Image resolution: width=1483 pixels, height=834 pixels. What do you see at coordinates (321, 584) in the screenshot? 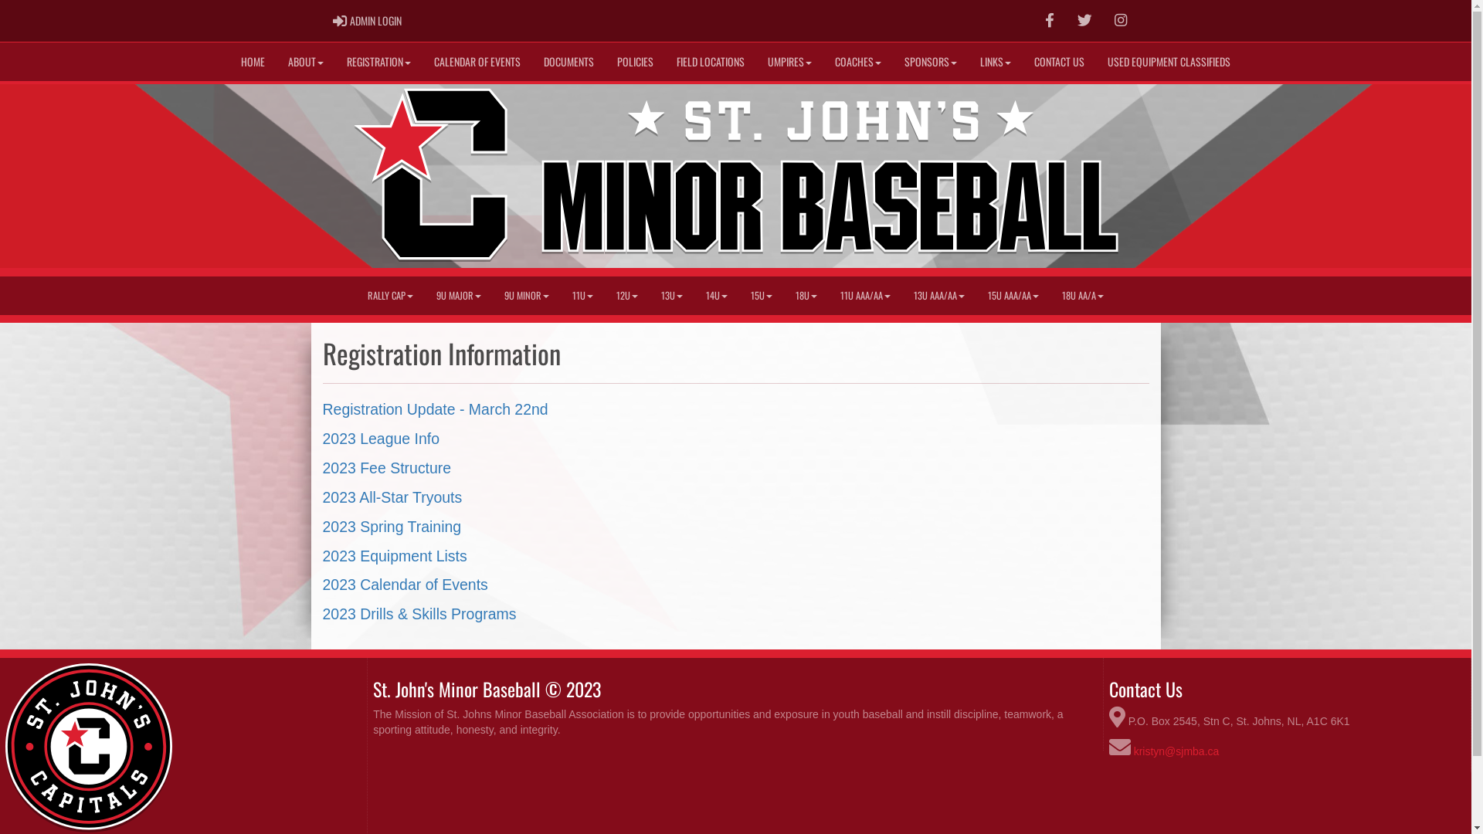
I see `'2023 Calendar of Events'` at bounding box center [321, 584].